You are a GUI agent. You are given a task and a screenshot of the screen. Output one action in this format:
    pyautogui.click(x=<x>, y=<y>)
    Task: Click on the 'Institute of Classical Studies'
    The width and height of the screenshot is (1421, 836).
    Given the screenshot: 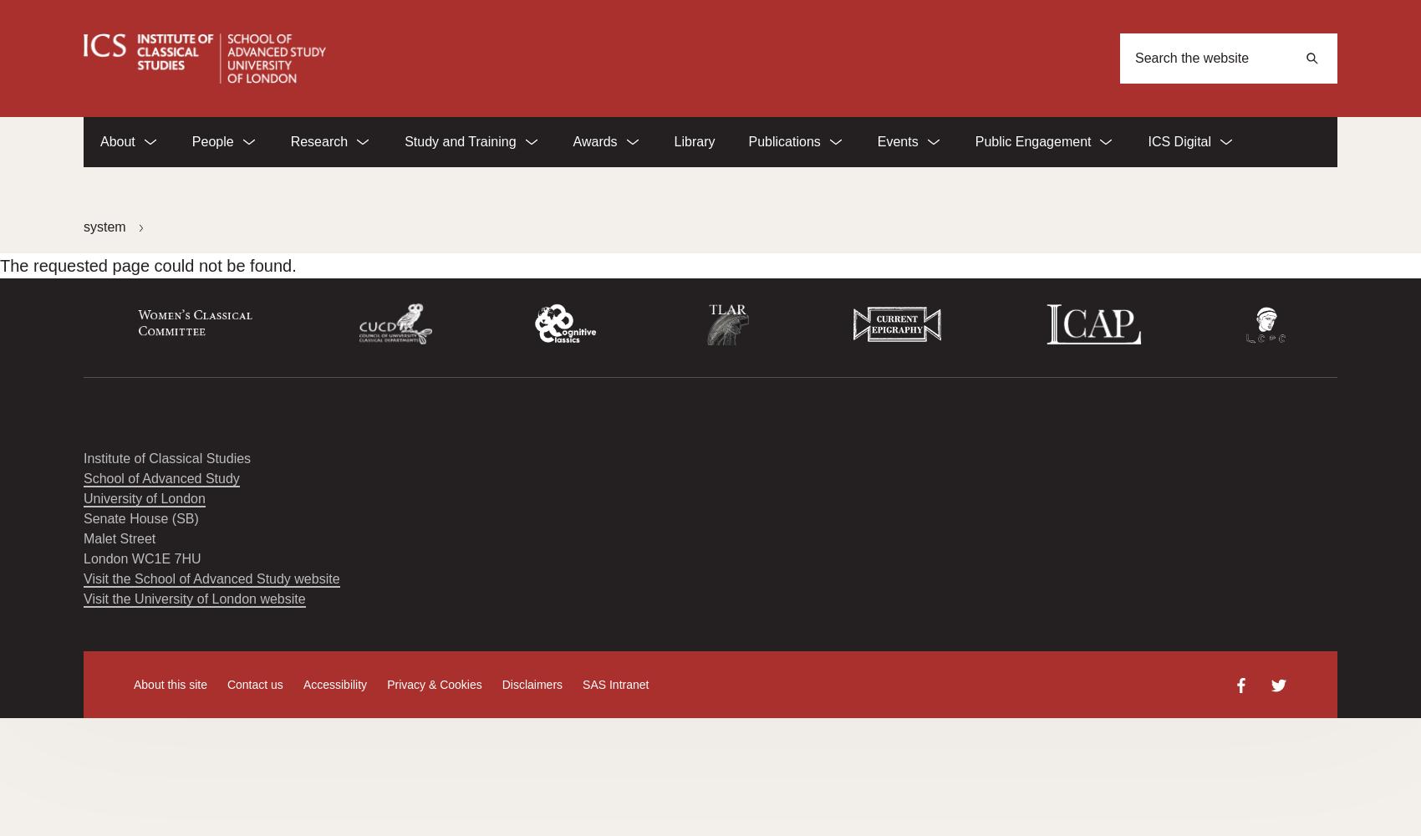 What is the action you would take?
    pyautogui.click(x=166, y=457)
    